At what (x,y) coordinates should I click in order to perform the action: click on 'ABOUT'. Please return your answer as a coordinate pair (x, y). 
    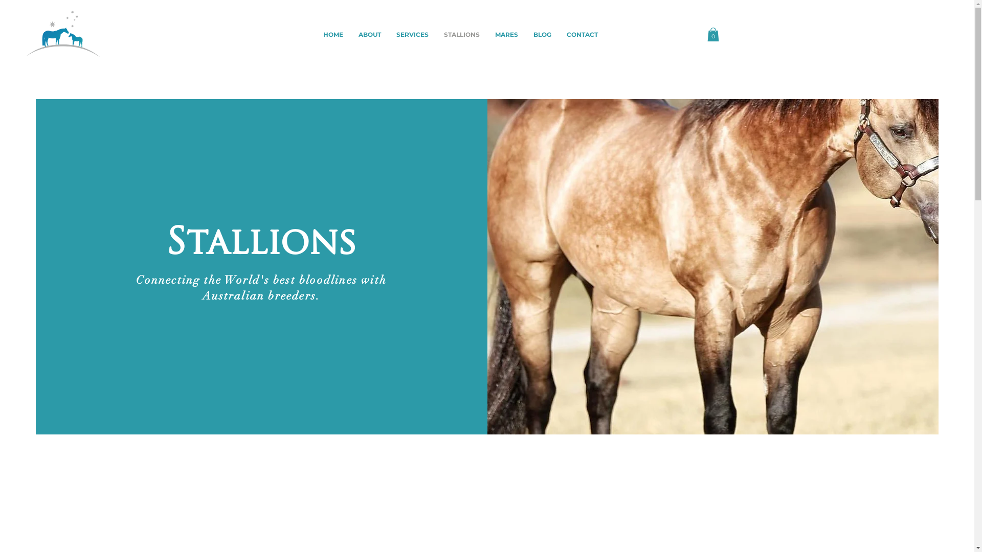
    Looking at the image, I should click on (351, 34).